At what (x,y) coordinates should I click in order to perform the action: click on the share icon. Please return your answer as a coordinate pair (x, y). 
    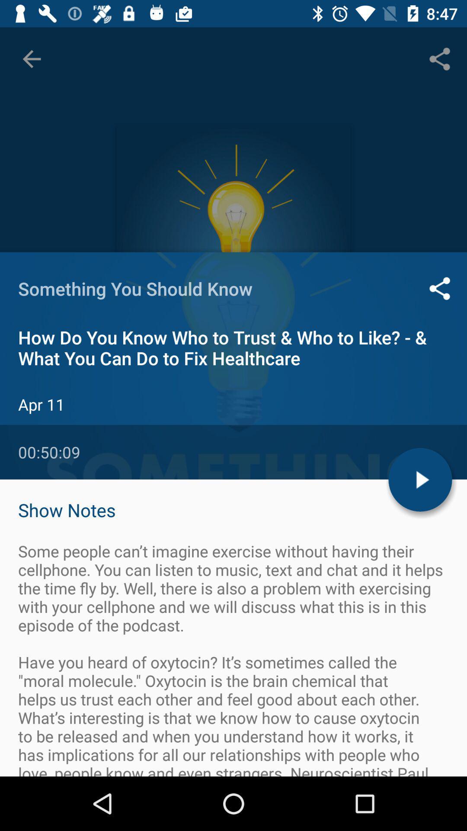
    Looking at the image, I should click on (440, 288).